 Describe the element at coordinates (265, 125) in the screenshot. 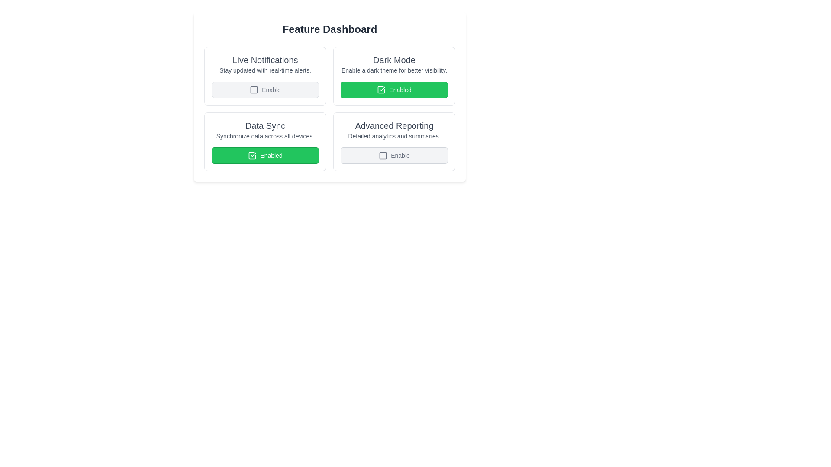

I see `the Text label that serves as a heading for the second feature card from the left in the second row, which describes the card's functionality about synchronizing data across devices` at that location.